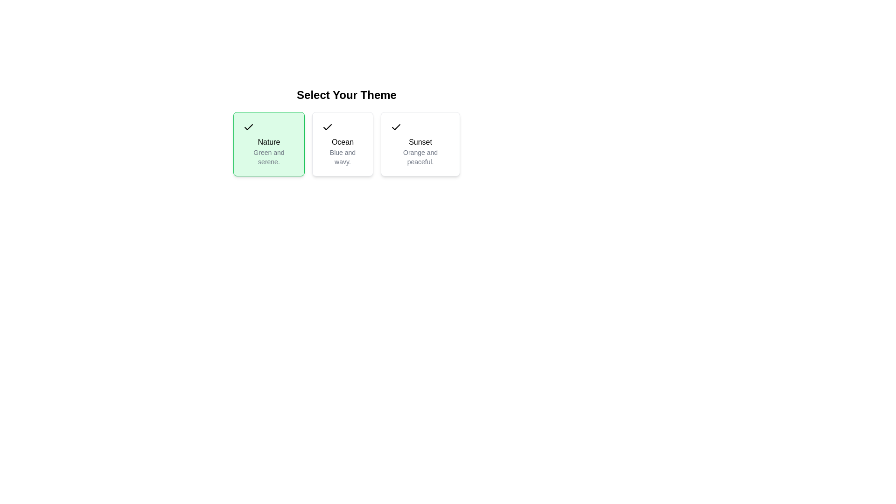 This screenshot has width=896, height=504. Describe the element at coordinates (248, 127) in the screenshot. I see `the checkmark icon located inside the 'Nature Green and serene.' card, positioned at the top-left corner of the card` at that location.